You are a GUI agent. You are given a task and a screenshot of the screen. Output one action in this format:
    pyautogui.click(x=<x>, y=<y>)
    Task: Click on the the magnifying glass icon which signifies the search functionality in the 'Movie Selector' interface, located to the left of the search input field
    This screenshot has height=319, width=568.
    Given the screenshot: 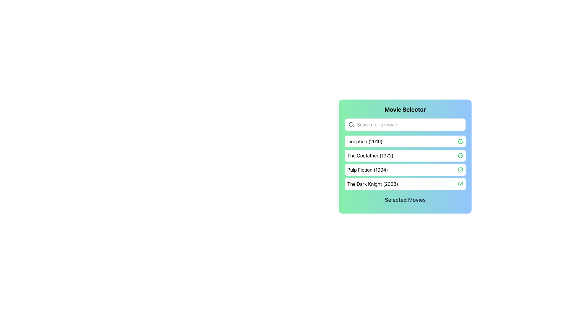 What is the action you would take?
    pyautogui.click(x=351, y=124)
    